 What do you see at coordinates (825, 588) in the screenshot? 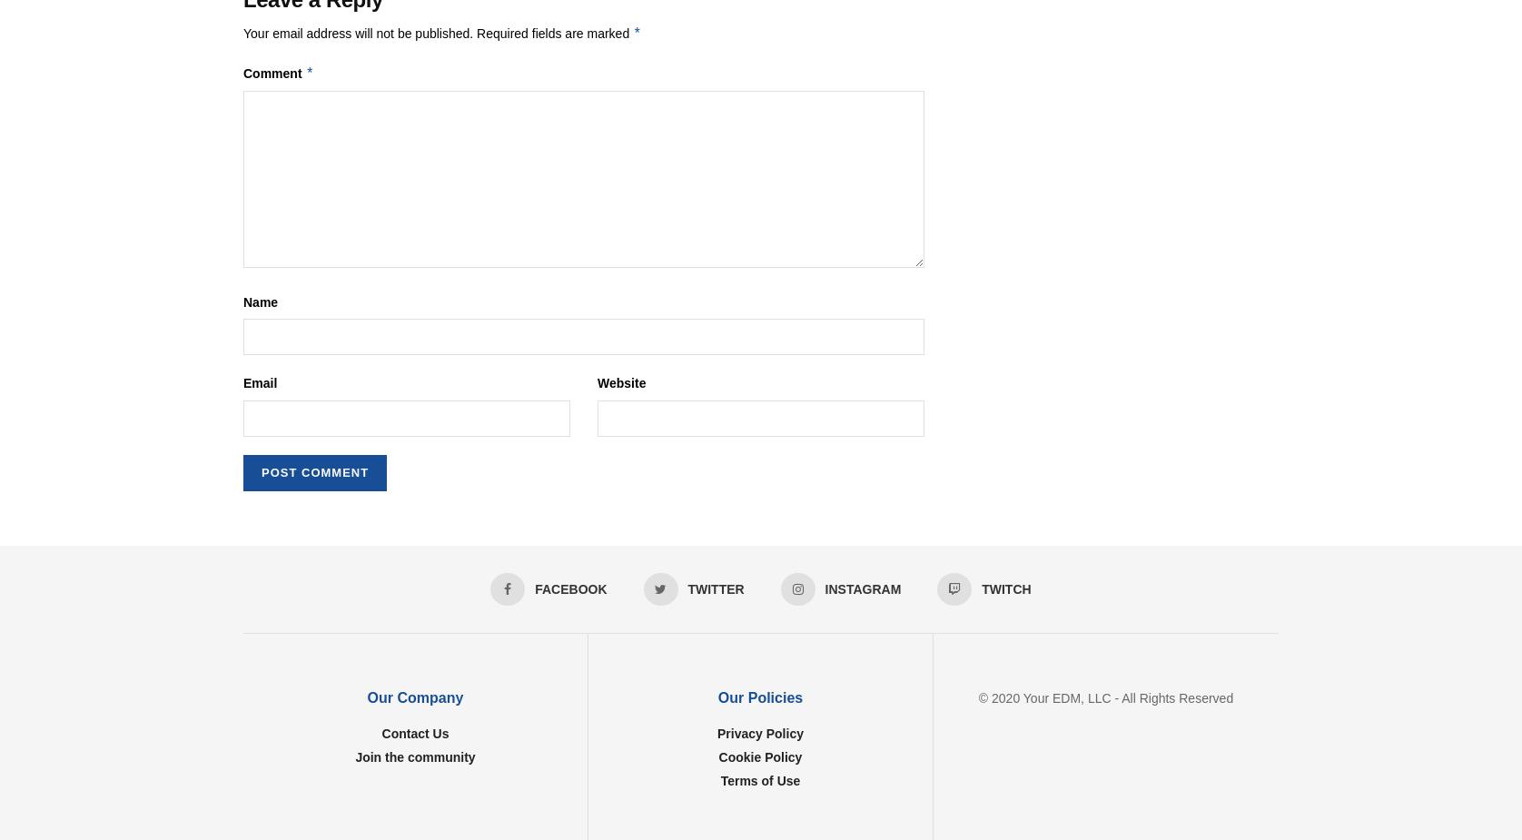
I see `'Instagram'` at bounding box center [825, 588].